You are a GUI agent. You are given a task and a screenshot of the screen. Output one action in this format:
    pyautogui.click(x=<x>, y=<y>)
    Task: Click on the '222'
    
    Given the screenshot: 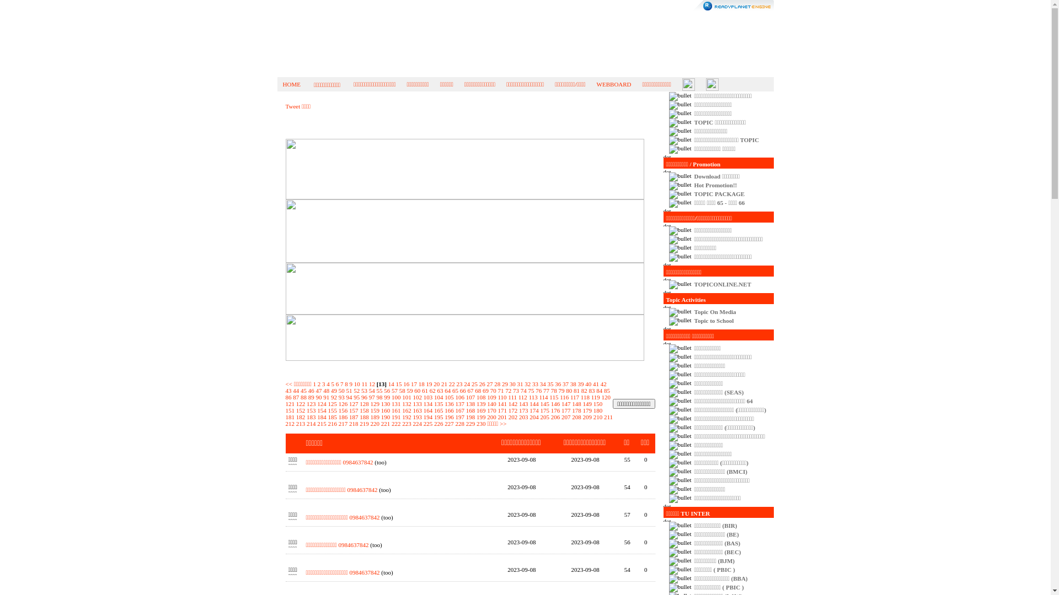 What is the action you would take?
    pyautogui.click(x=396, y=423)
    